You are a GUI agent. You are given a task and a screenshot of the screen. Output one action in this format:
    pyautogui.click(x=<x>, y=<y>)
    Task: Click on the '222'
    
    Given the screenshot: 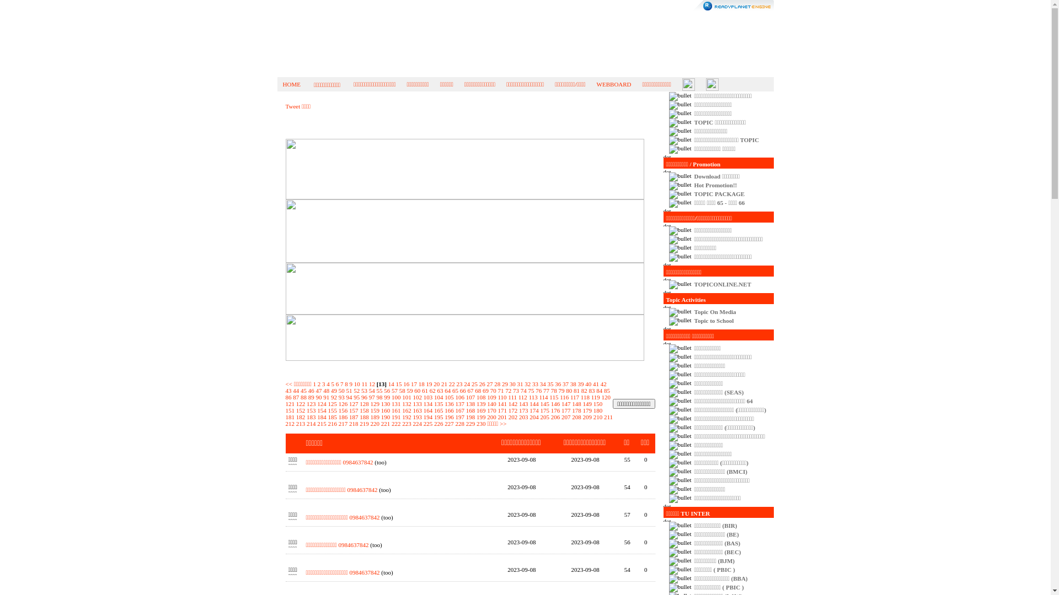 What is the action you would take?
    pyautogui.click(x=396, y=423)
    